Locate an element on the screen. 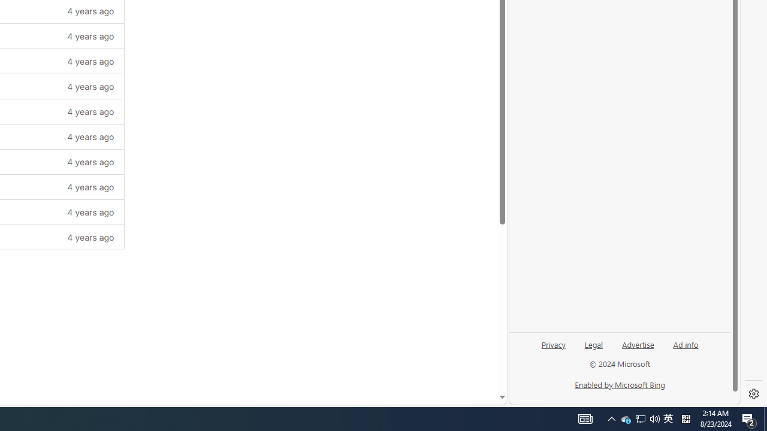 The height and width of the screenshot is (431, 767). 'Legal' is located at coordinates (593, 349).